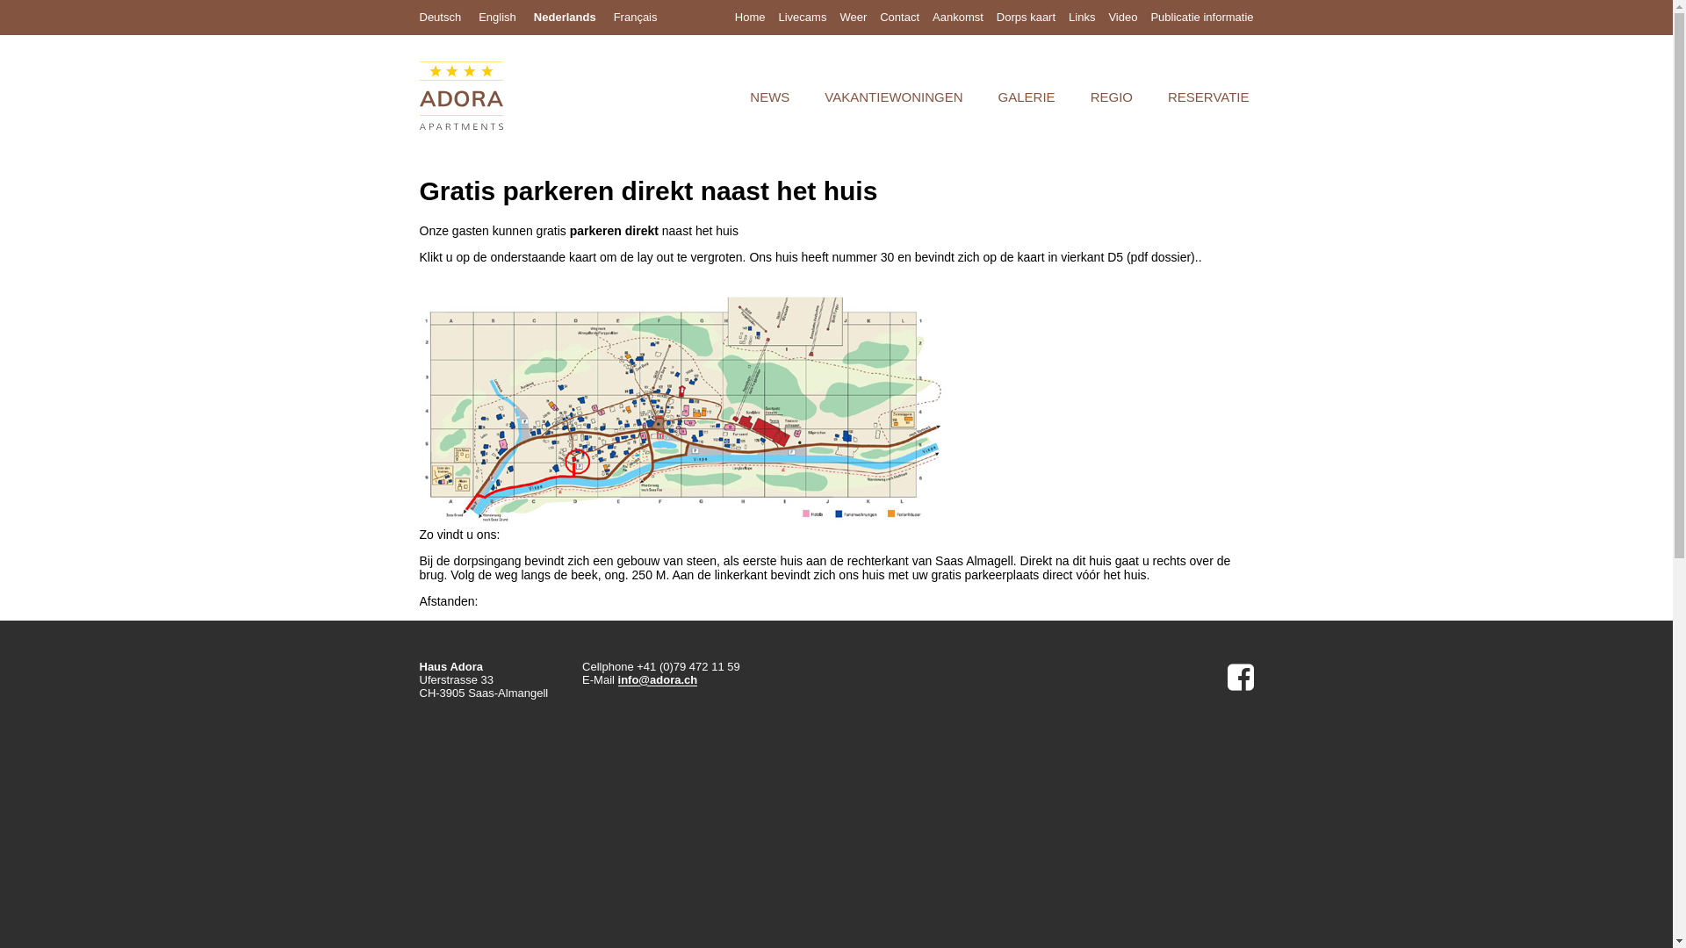  Describe the element at coordinates (441, 17) in the screenshot. I see `'Deutsch'` at that location.